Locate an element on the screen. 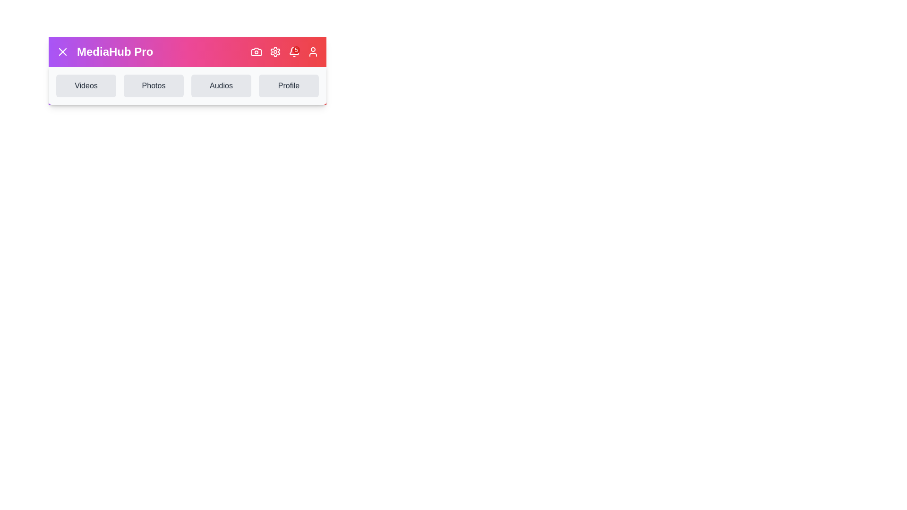  the menu item Profile to navigate to the respective section is located at coordinates (288, 85).